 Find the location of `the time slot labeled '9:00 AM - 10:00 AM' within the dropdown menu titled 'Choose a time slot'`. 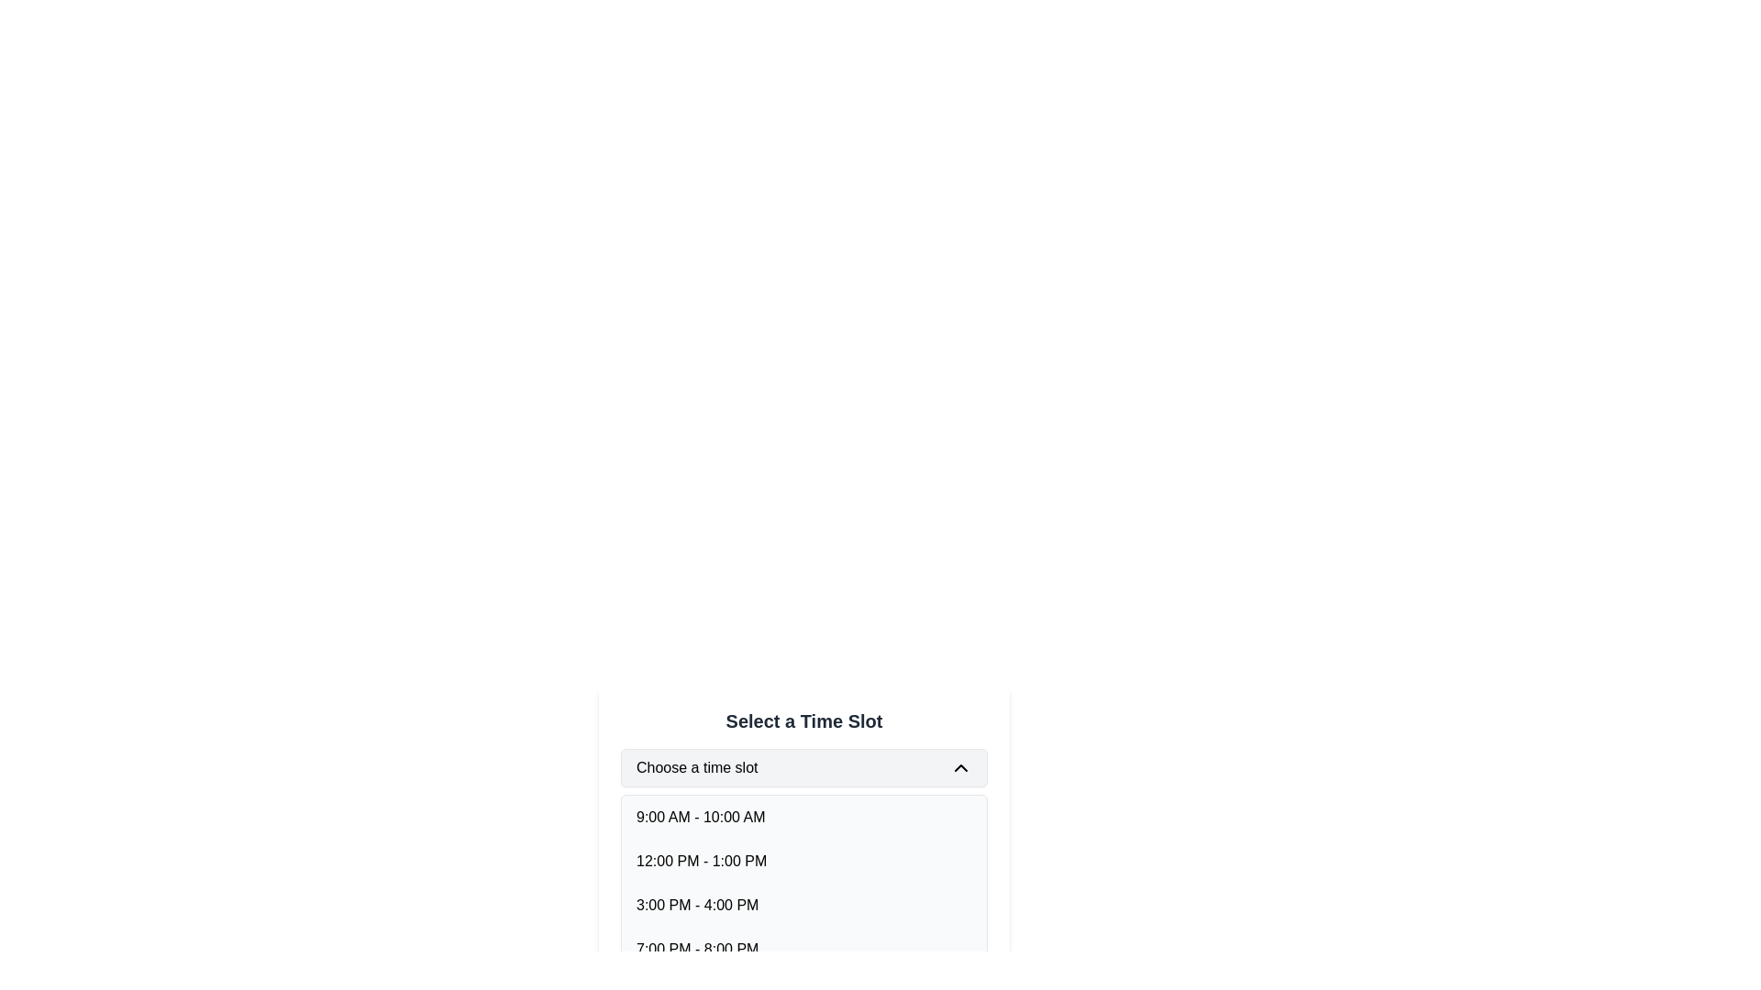

the time slot labeled '9:00 AM - 10:00 AM' within the dropdown menu titled 'Choose a time slot' is located at coordinates (700, 816).